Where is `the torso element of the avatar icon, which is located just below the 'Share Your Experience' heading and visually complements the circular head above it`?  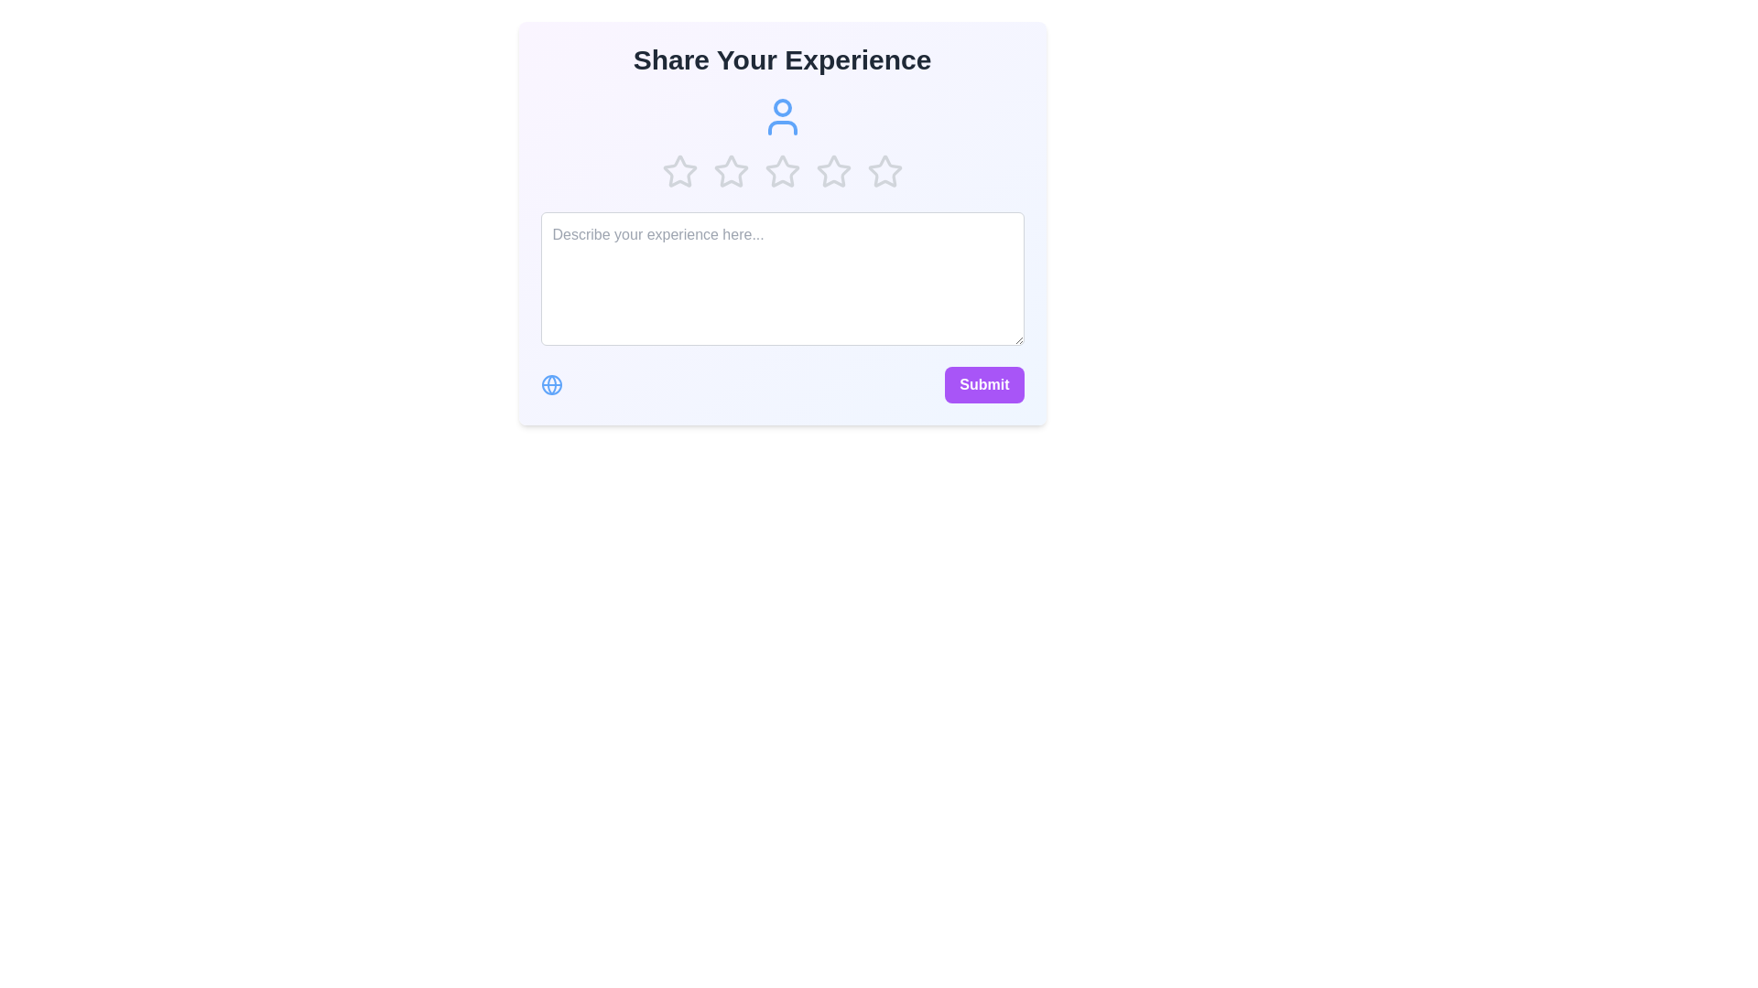 the torso element of the avatar icon, which is located just below the 'Share Your Experience' heading and visually complements the circular head above it is located at coordinates (782, 126).